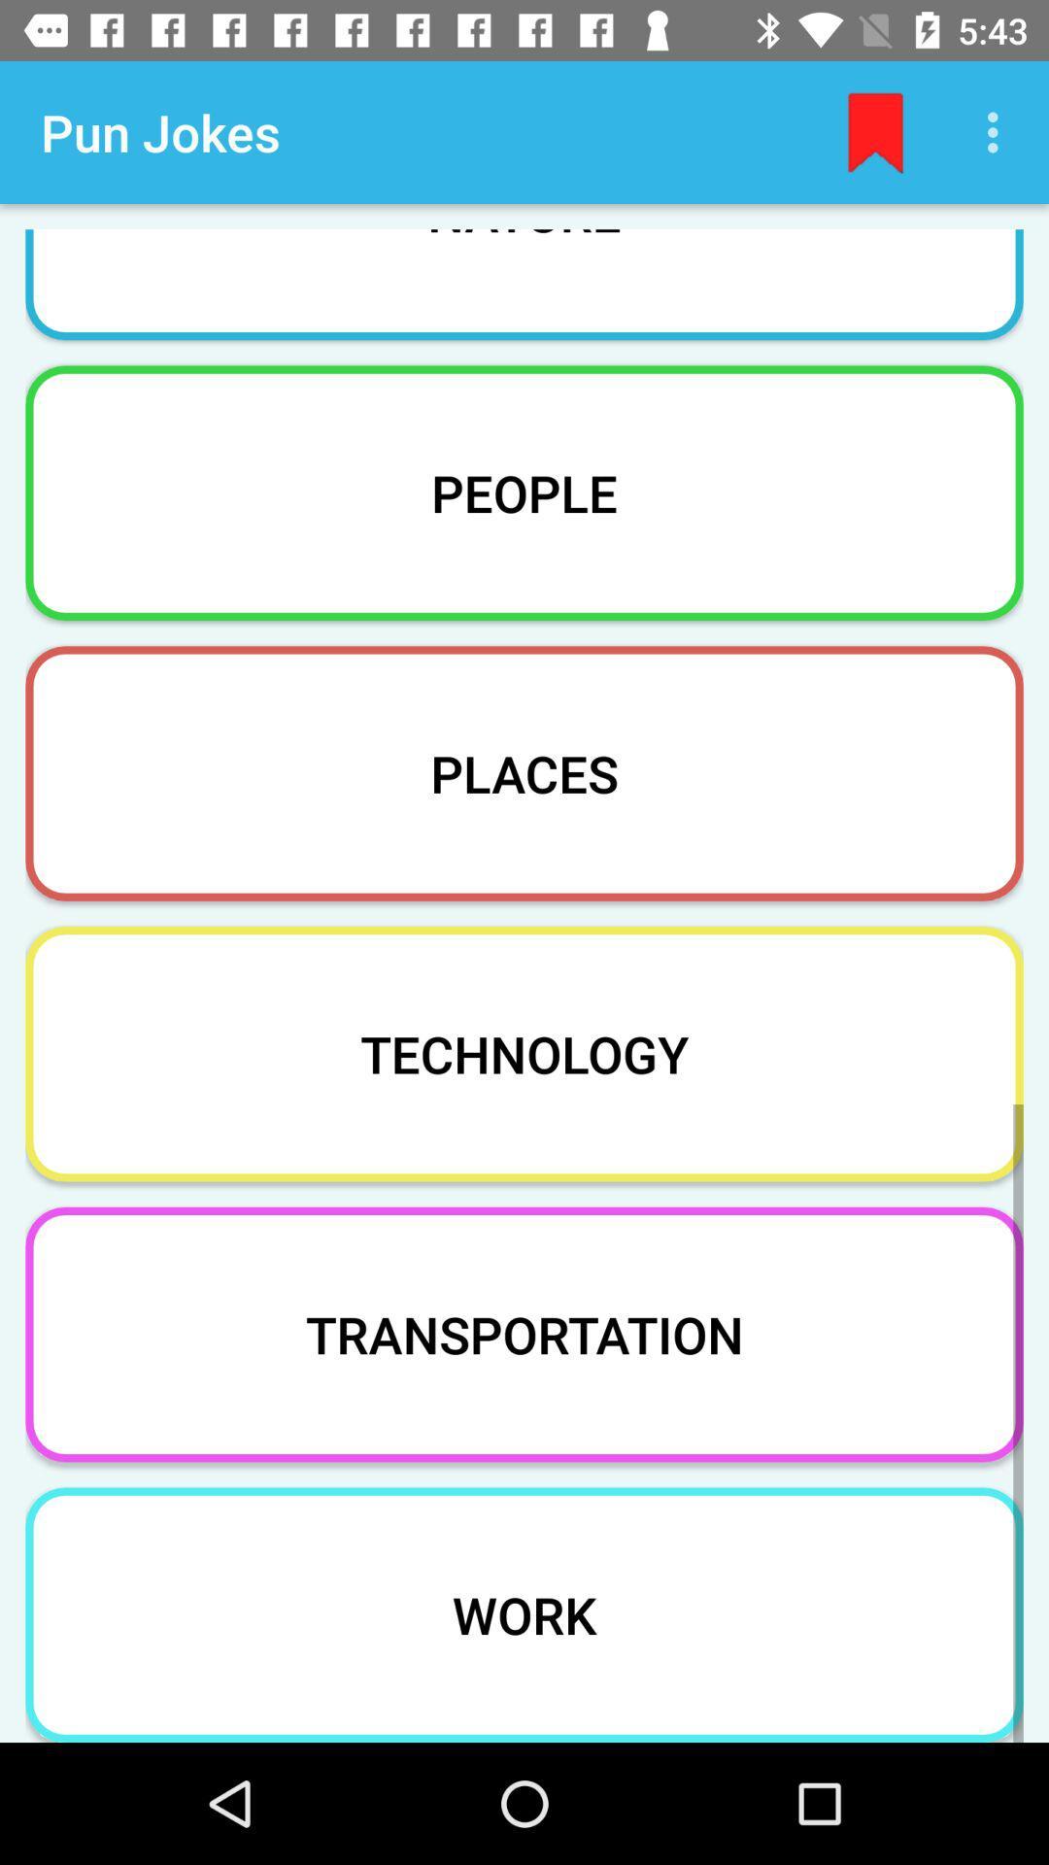 This screenshot has width=1049, height=1865. What do you see at coordinates (524, 1614) in the screenshot?
I see `the work item` at bounding box center [524, 1614].